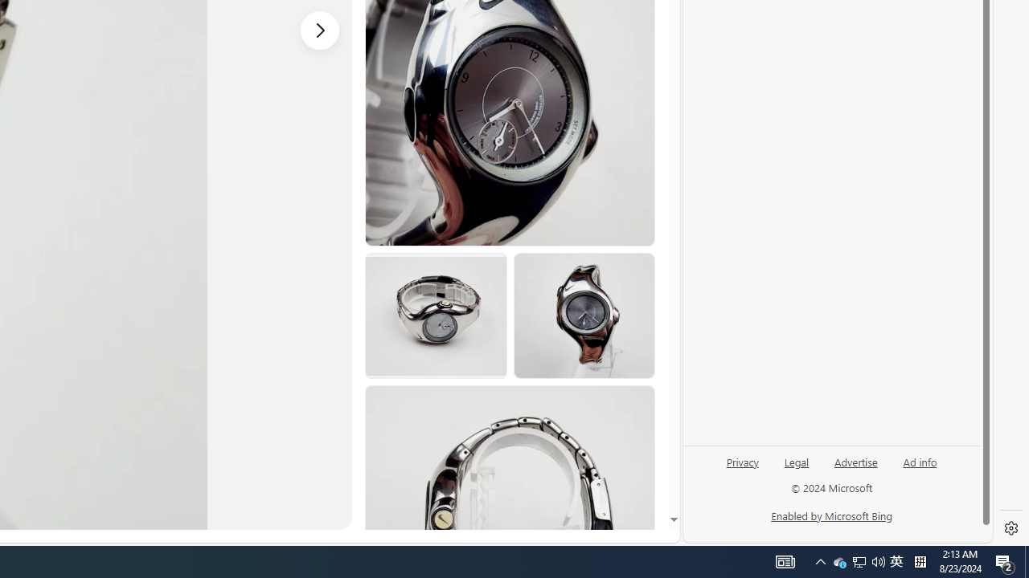 The height and width of the screenshot is (578, 1029). What do you see at coordinates (920, 468) in the screenshot?
I see `'Ad info'` at bounding box center [920, 468].